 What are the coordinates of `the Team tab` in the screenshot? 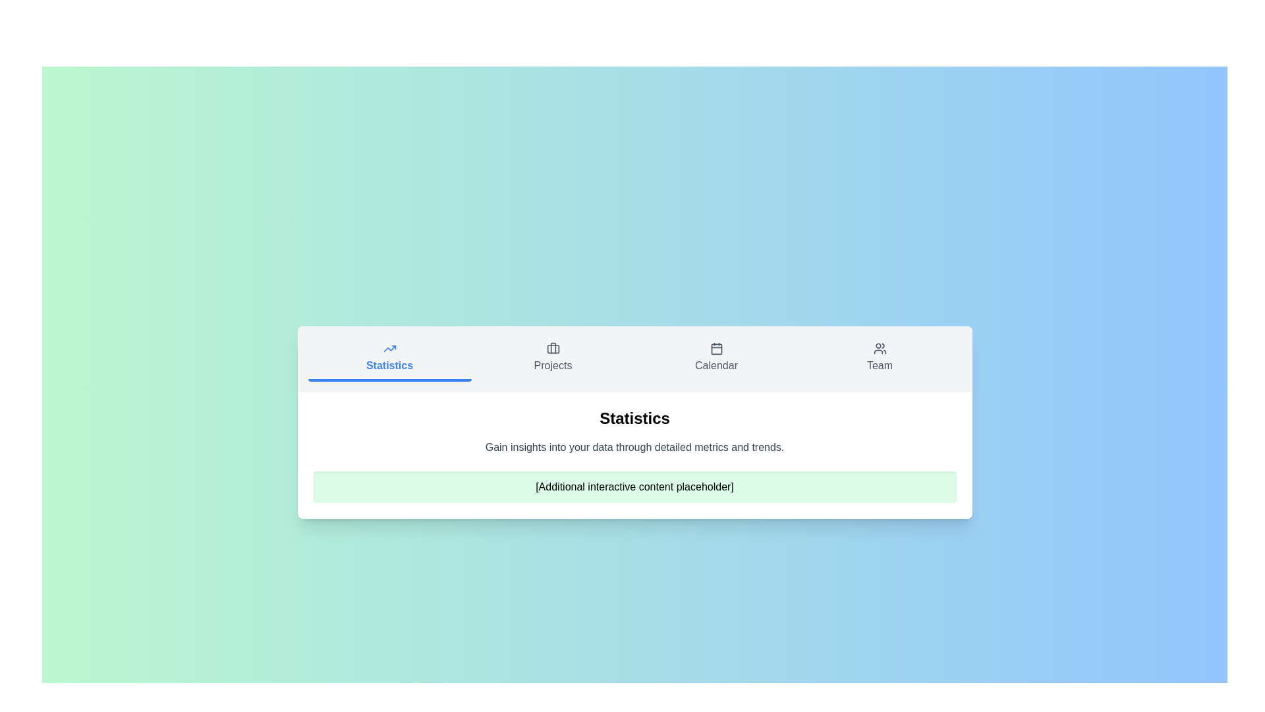 It's located at (880, 359).